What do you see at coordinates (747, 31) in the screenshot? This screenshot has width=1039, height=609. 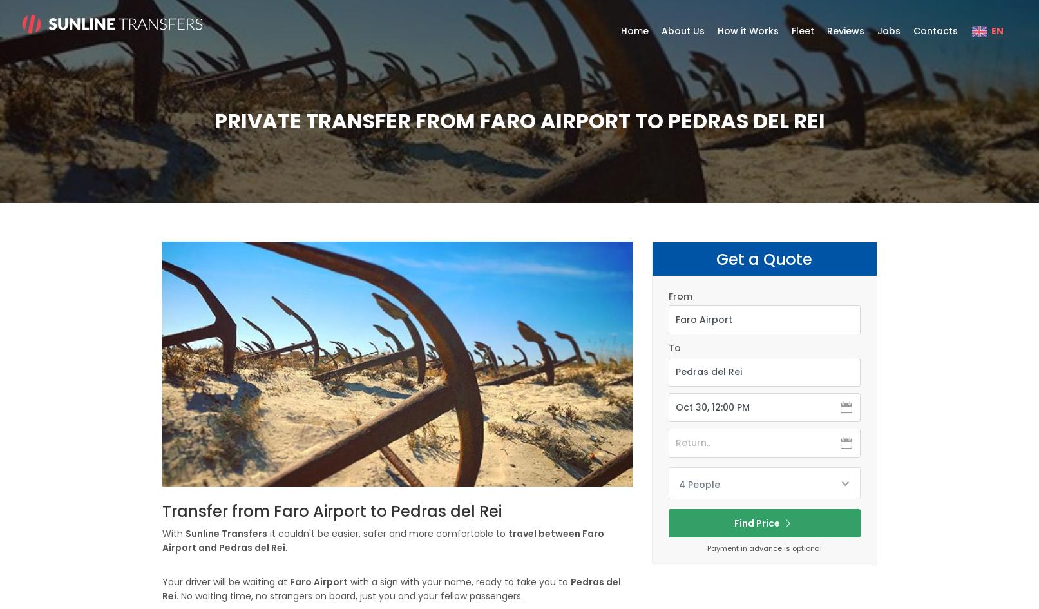 I see `'How it Works'` at bounding box center [747, 31].